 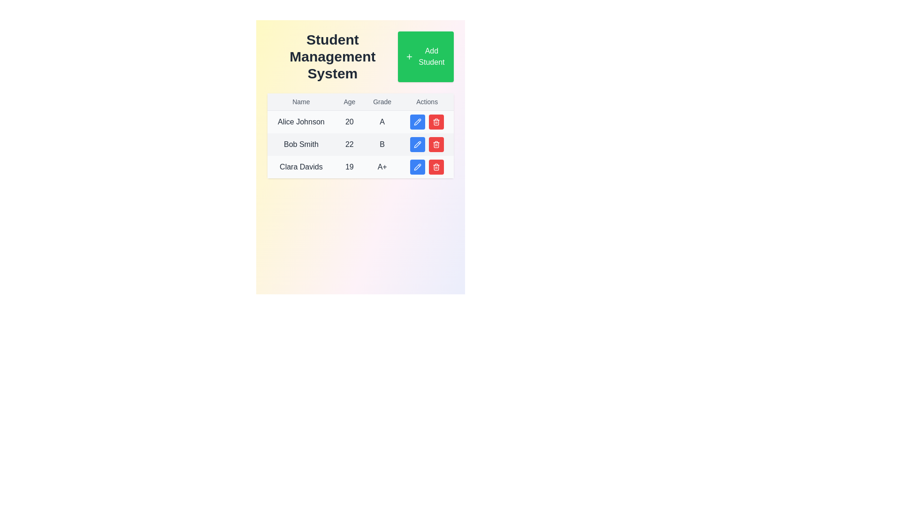 I want to click on textual information displayed in the second row of the table, which contains data about the student 'Bob Smith', age '22', and grade 'B', along with action buttons for editing and deleting, so click(x=360, y=144).